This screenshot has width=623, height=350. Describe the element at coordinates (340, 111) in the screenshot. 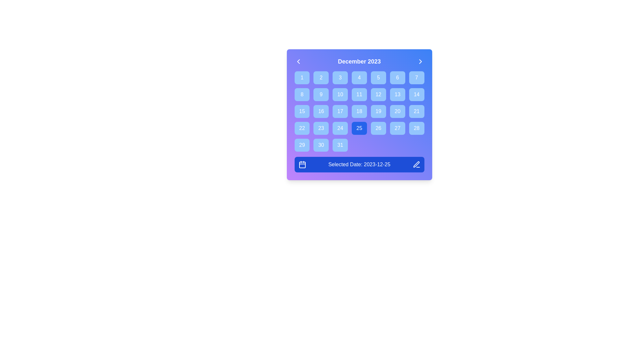

I see `the blue rounded rectangular button labeled '17' in the calendar grid for December 2023` at that location.